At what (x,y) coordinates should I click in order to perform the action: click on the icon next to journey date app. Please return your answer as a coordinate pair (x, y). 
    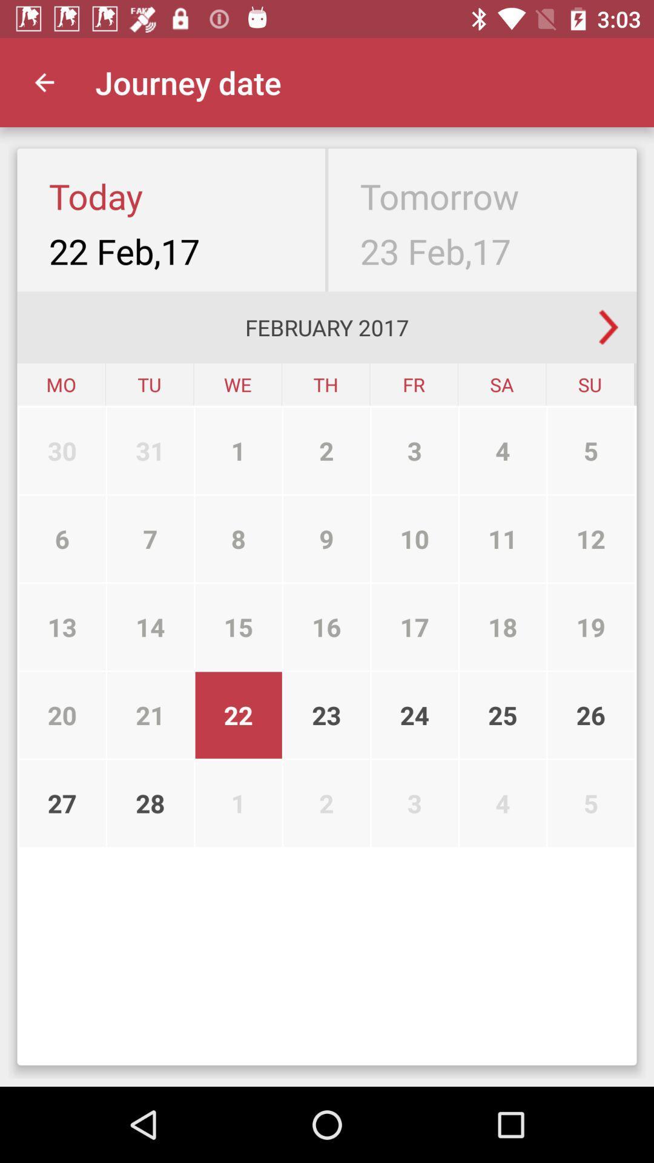
    Looking at the image, I should click on (44, 82).